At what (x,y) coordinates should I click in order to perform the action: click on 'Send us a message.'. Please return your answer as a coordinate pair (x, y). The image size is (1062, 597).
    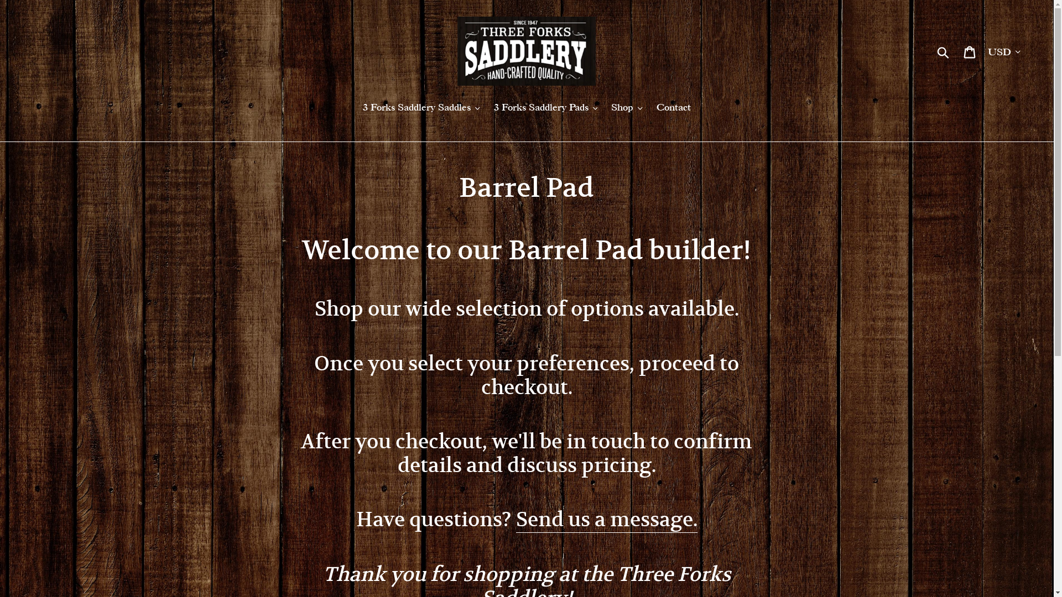
    Looking at the image, I should click on (606, 520).